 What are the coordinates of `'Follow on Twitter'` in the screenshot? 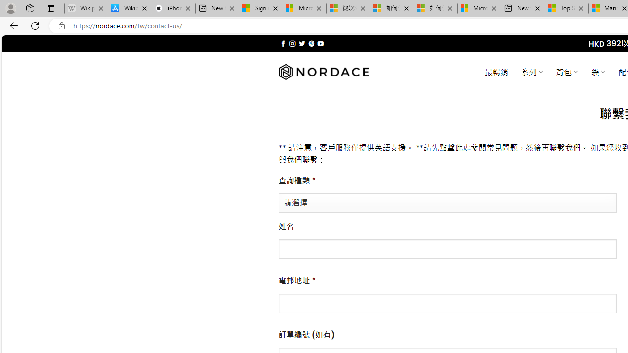 It's located at (301, 43).